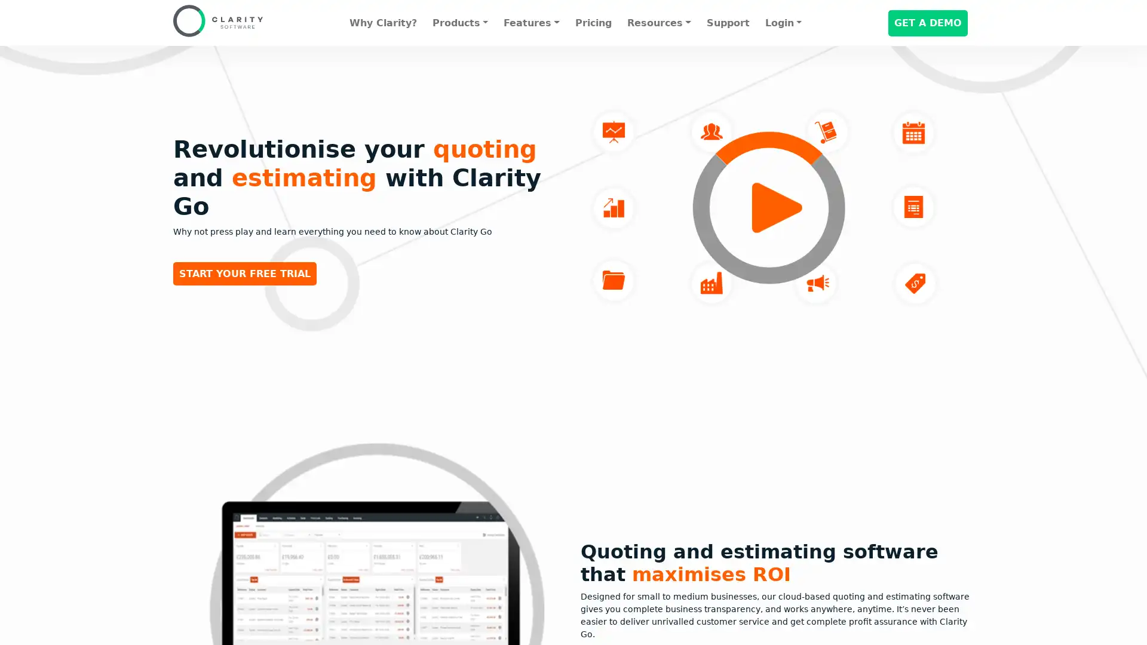 The image size is (1147, 645). I want to click on Products, so click(459, 23).